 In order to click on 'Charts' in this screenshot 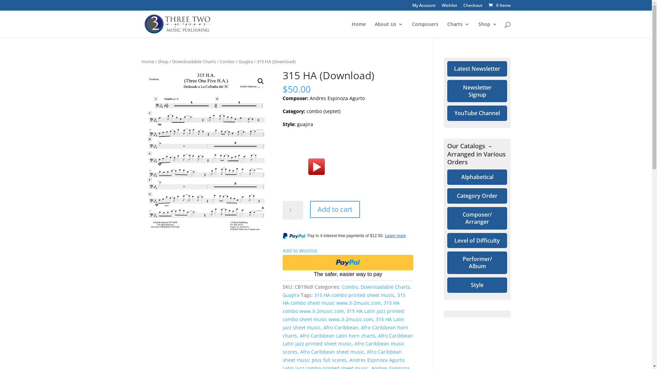, I will do `click(458, 29)`.